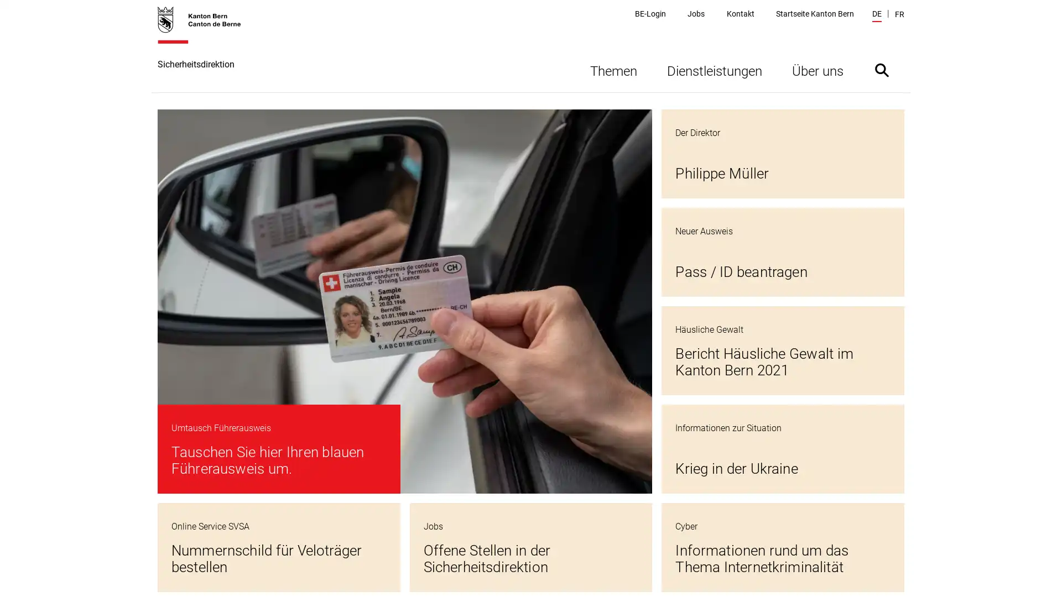 Image resolution: width=1062 pixels, height=597 pixels. Describe the element at coordinates (613, 71) in the screenshot. I see `Themen` at that location.